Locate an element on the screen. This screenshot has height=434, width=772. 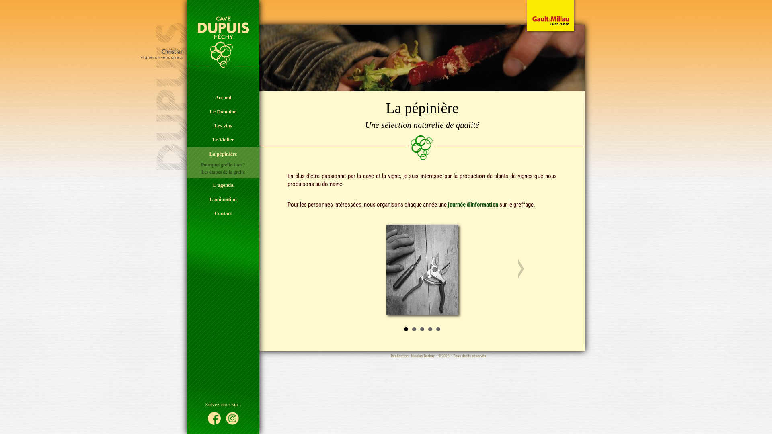
'L'agenda' is located at coordinates (223, 185).